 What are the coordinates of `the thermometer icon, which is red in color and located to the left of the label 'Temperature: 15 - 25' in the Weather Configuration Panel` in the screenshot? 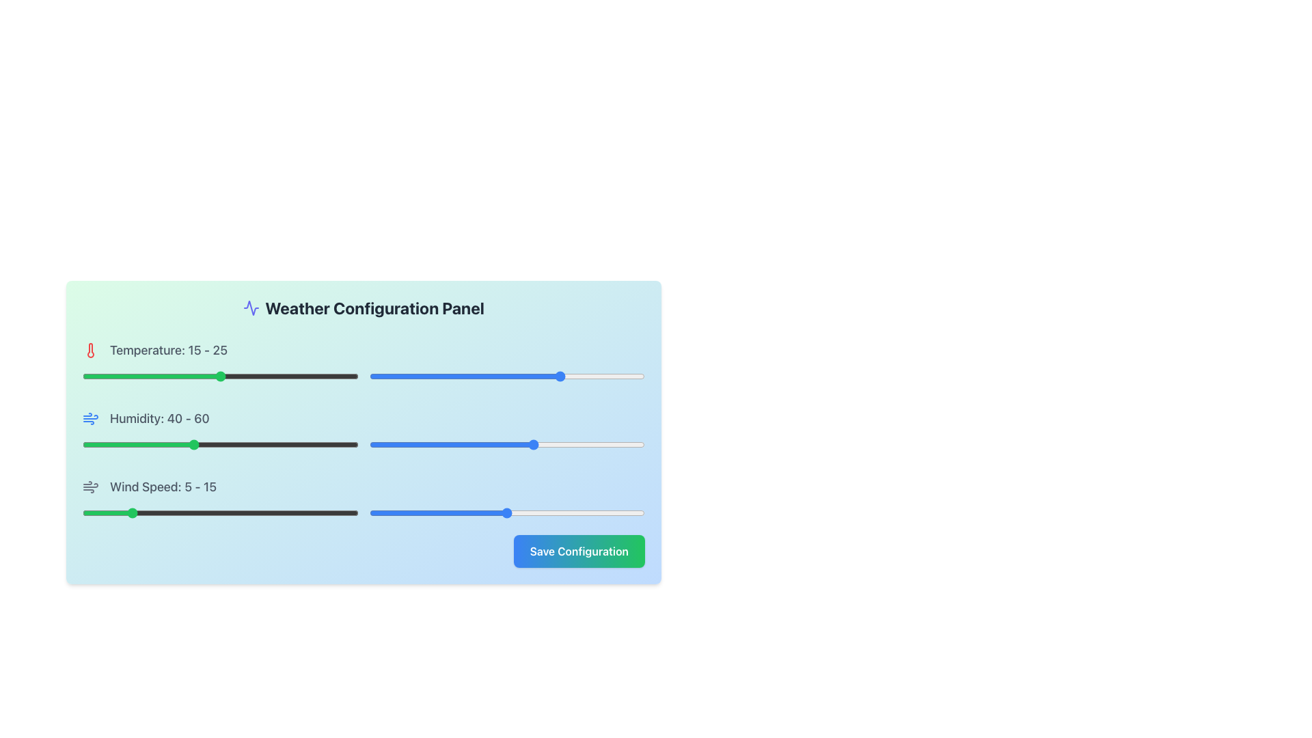 It's located at (90, 350).